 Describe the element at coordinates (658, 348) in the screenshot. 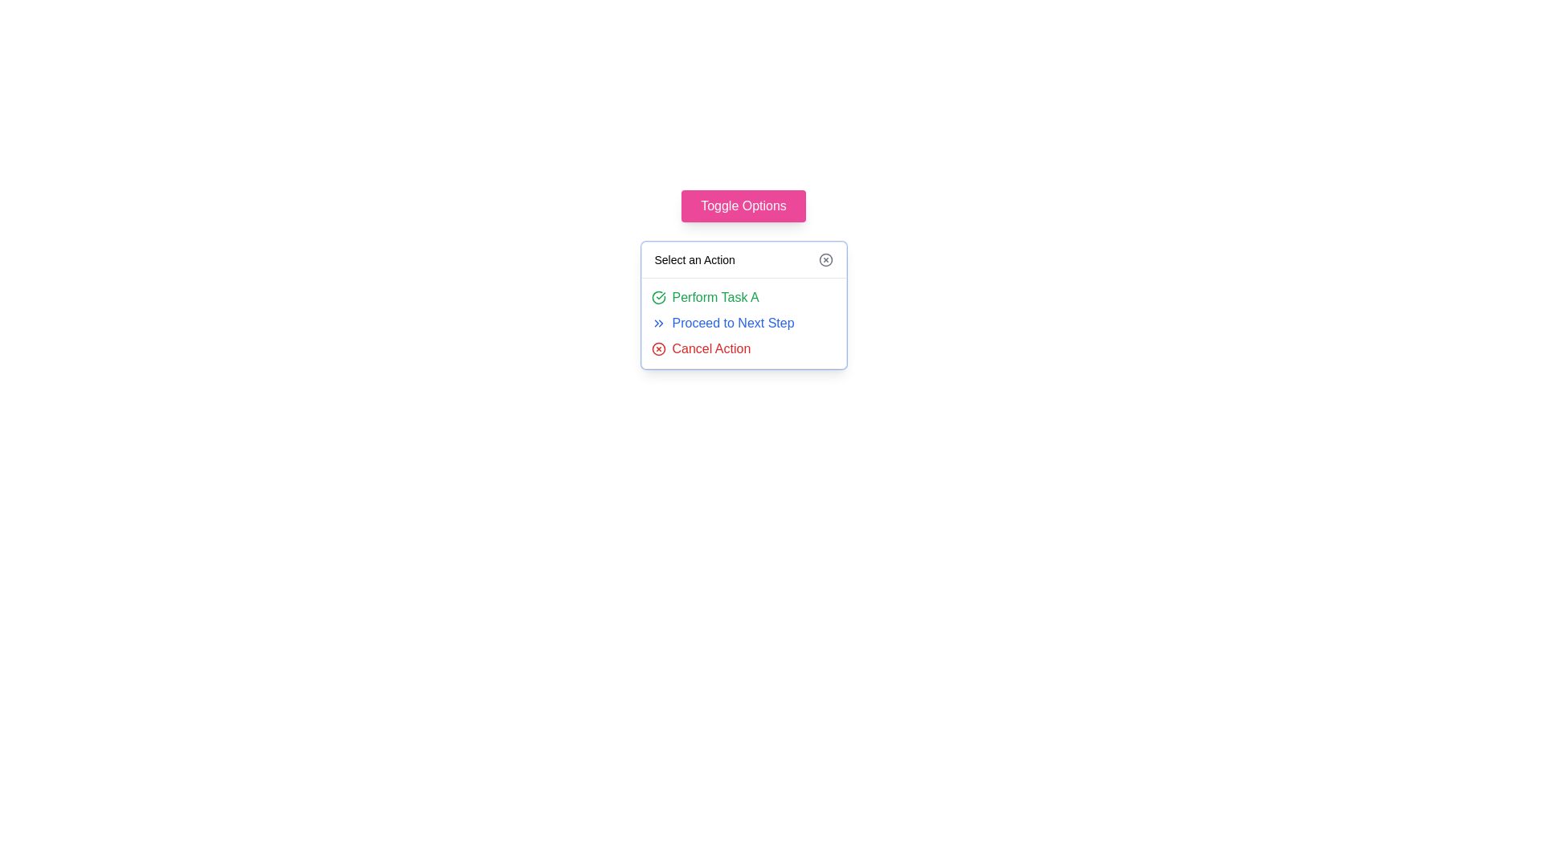

I see `the circular icon with a thin outline located next to the 'Select an Action' text field in the dropdown menu area` at that location.